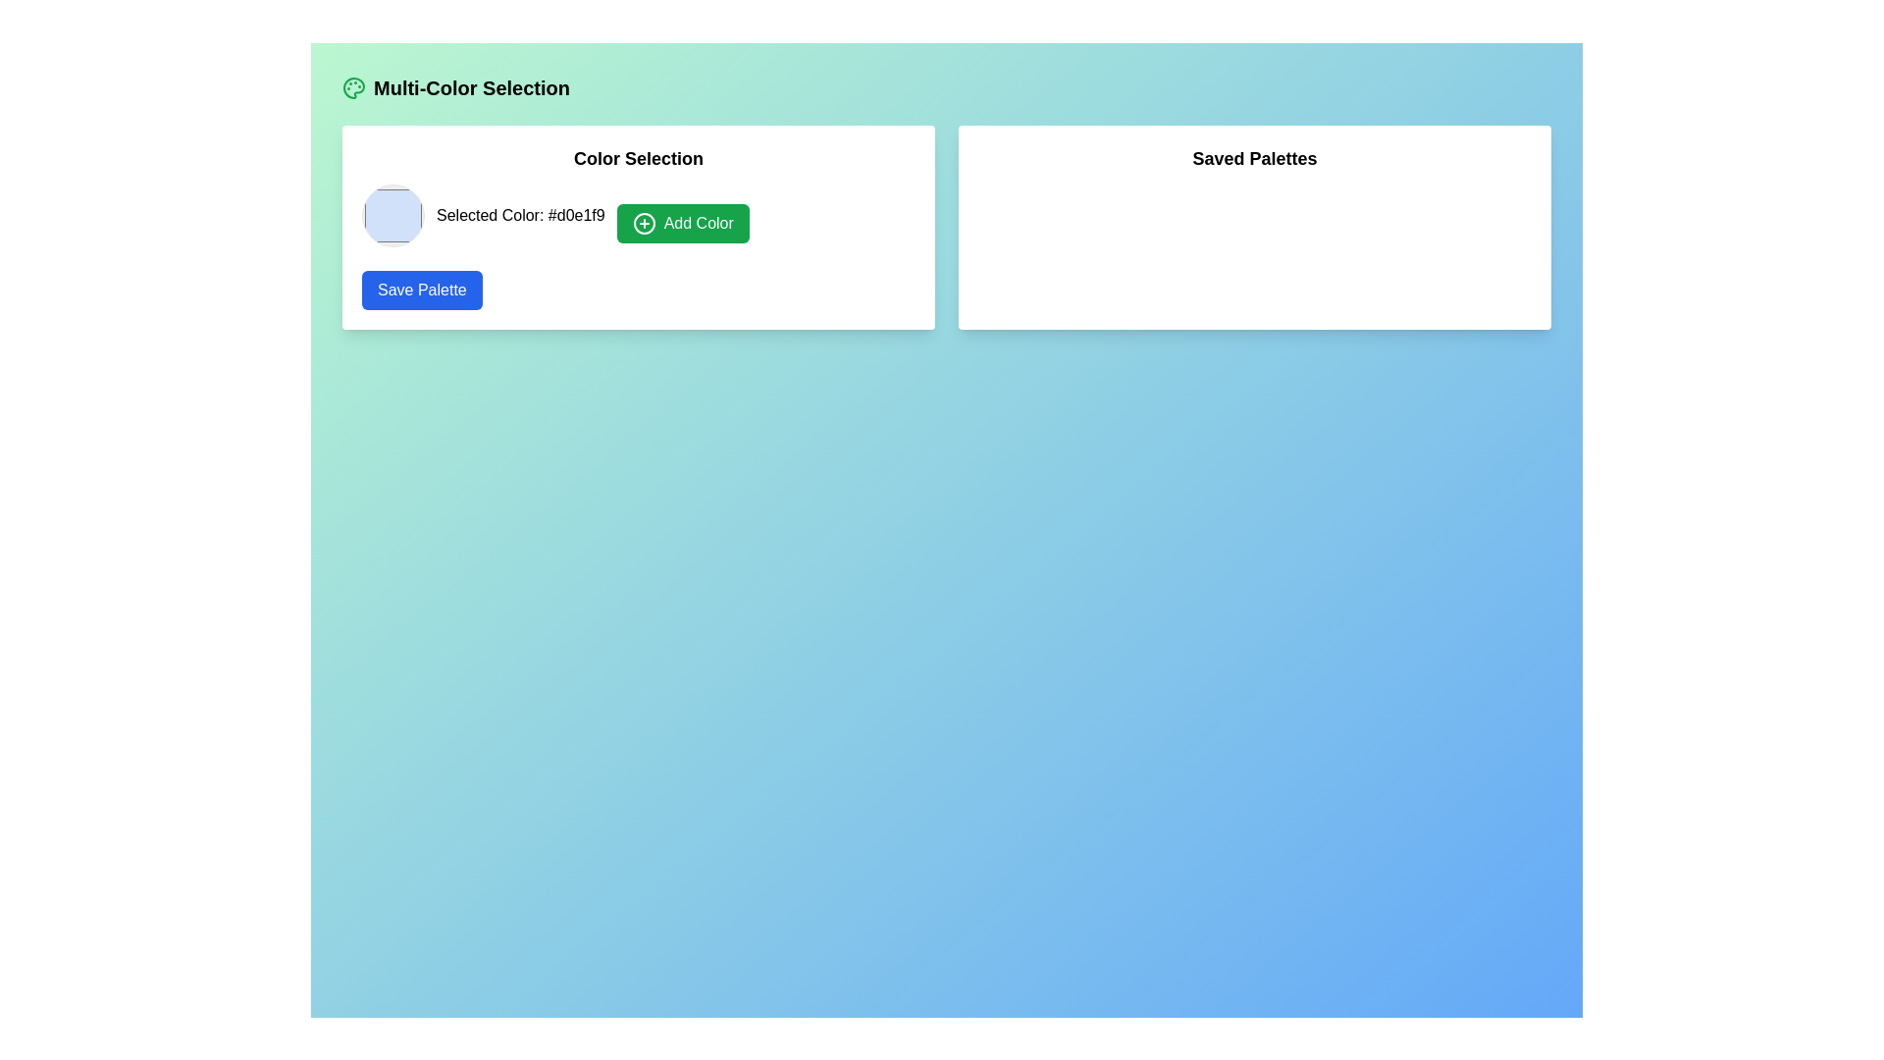  What do you see at coordinates (1253, 158) in the screenshot?
I see `the 'Saved Palettes' text label, which is a bold, large heading at the top of a white-background panel in the upper right area of the interface` at bounding box center [1253, 158].